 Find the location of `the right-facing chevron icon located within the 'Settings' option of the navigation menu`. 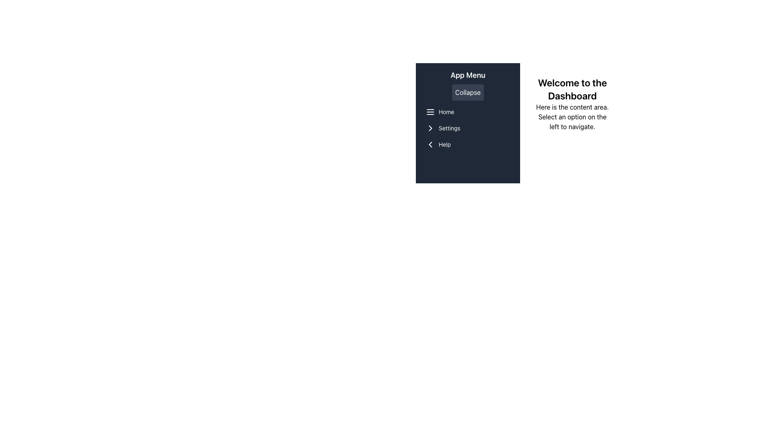

the right-facing chevron icon located within the 'Settings' option of the navigation menu is located at coordinates (430, 128).